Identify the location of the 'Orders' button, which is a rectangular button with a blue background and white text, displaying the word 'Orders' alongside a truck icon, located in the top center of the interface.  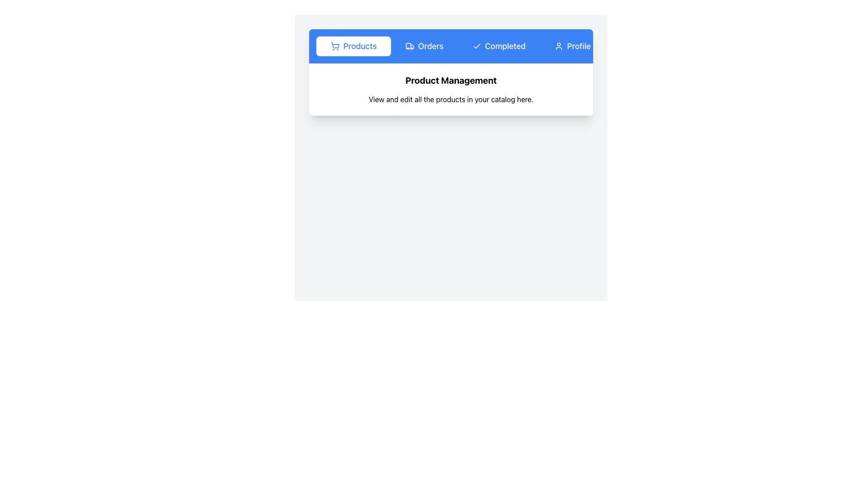
(424, 46).